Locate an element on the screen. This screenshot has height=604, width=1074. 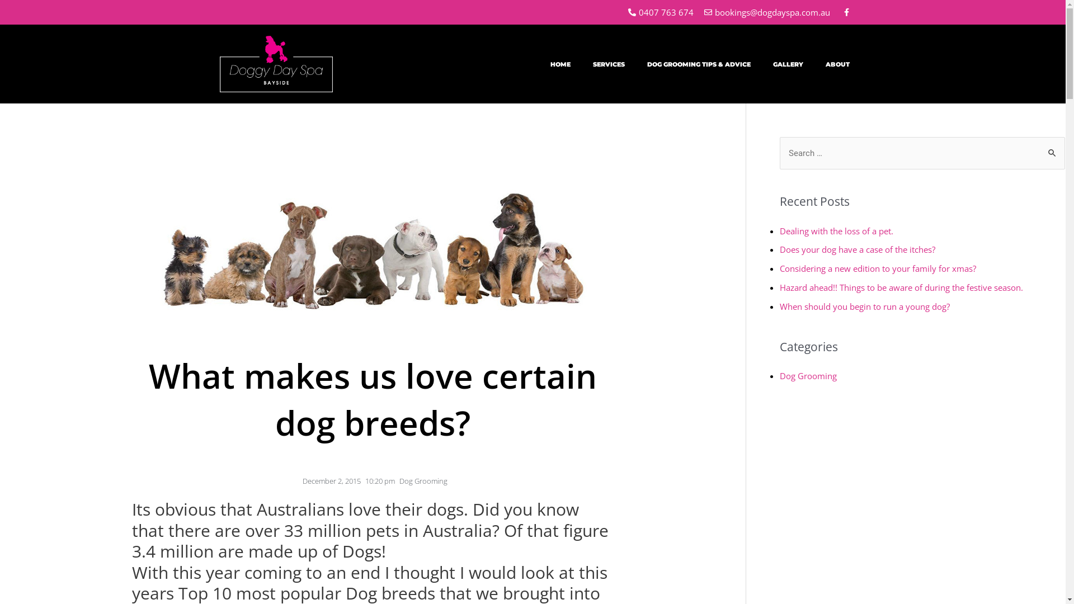
'When should you begin to run a young dog?' is located at coordinates (864, 306).